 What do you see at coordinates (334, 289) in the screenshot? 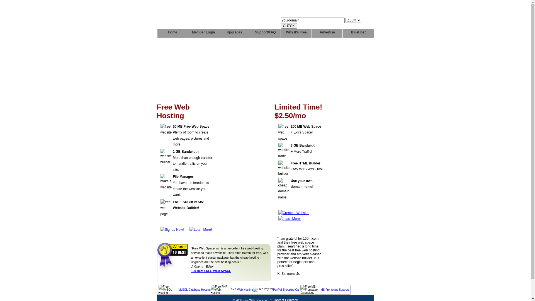
I see `'MS Frontpage Support'` at bounding box center [334, 289].